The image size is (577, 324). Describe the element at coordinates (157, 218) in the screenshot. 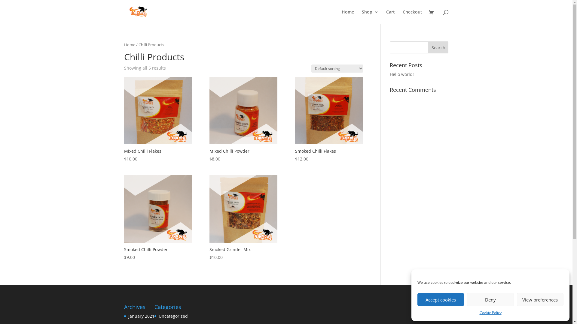

I see `'Smoked Chilli Powder` at that location.